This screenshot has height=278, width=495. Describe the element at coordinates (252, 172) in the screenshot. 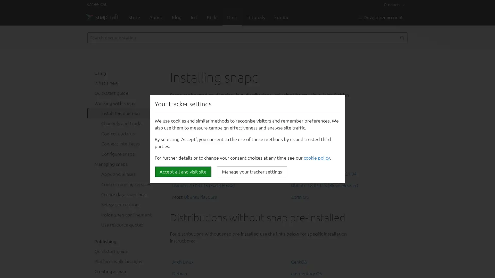

I see `Manage your tracker settings` at that location.